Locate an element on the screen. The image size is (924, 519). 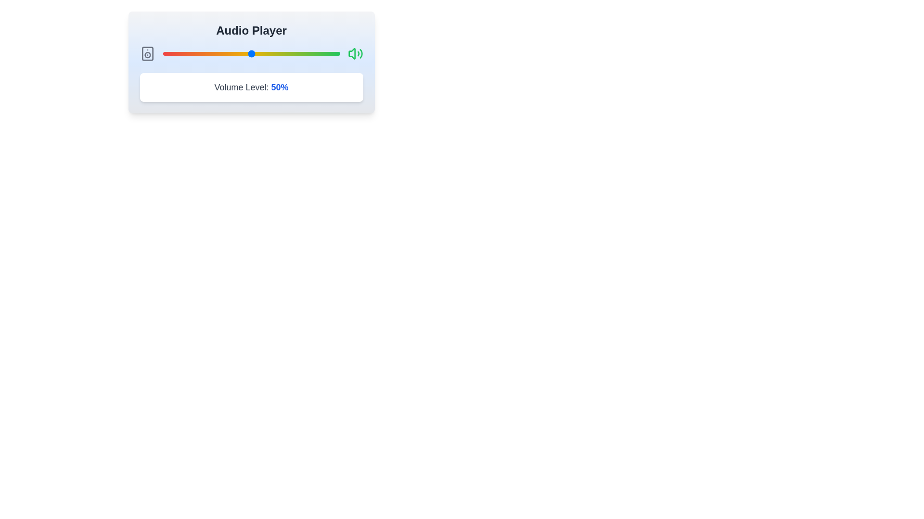
the volume slider to 88% by dragging the slider is located at coordinates (319, 53).